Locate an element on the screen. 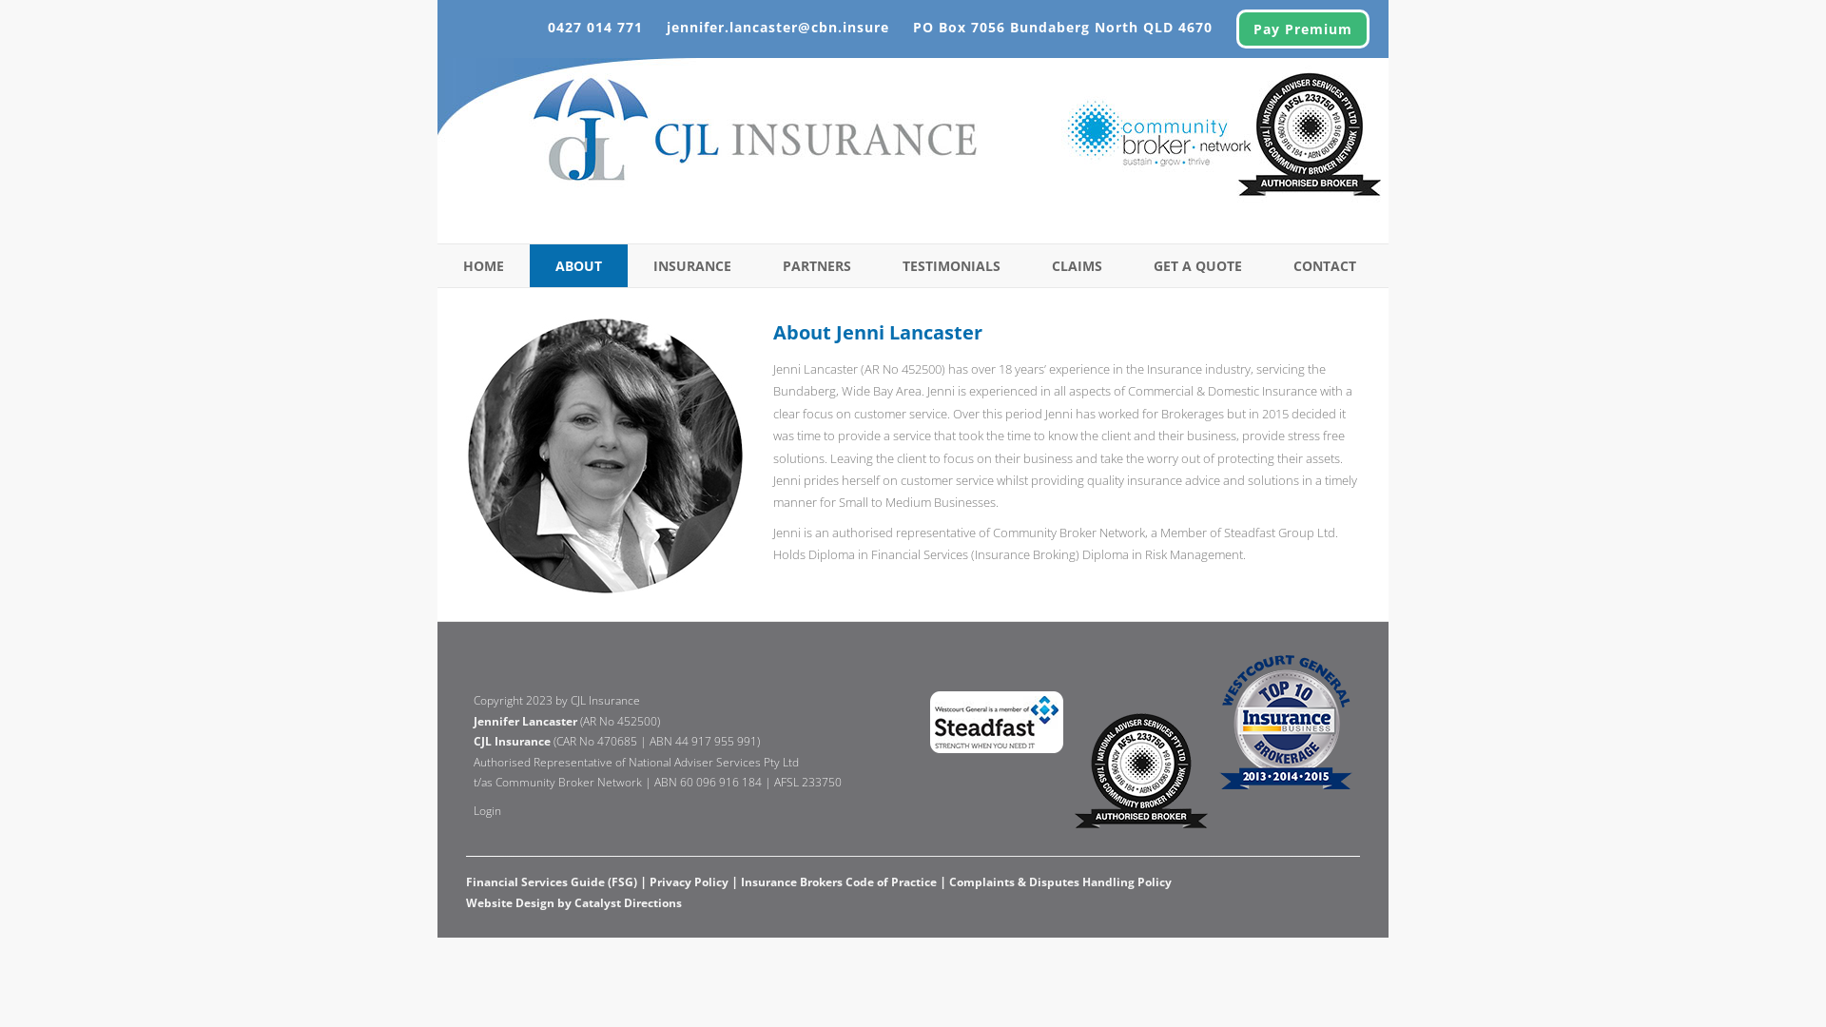 This screenshot has height=1027, width=1826. 'Financial Services Guide (FSG)' is located at coordinates (551, 882).